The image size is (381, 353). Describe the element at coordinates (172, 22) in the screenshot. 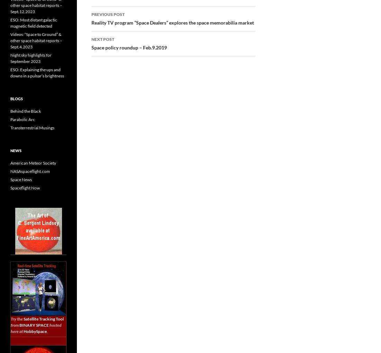

I see `'Reality TV program “Space Dealers” explores the space memorabilia market'` at that location.